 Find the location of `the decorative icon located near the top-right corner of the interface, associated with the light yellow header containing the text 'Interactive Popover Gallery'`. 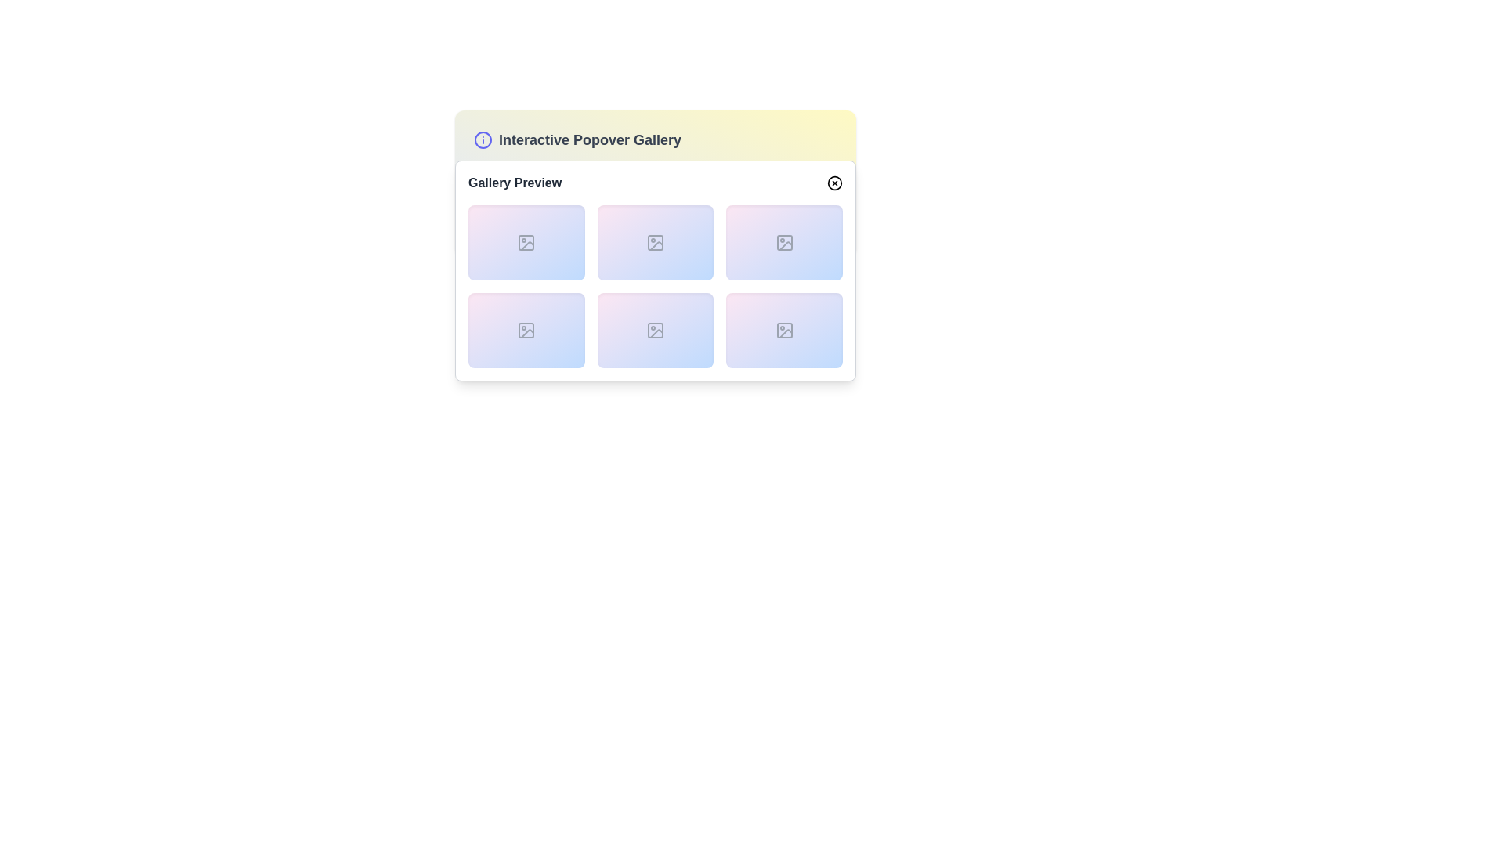

the decorative icon located near the top-right corner of the interface, associated with the light yellow header containing the text 'Interactive Popover Gallery' is located at coordinates (833, 183).